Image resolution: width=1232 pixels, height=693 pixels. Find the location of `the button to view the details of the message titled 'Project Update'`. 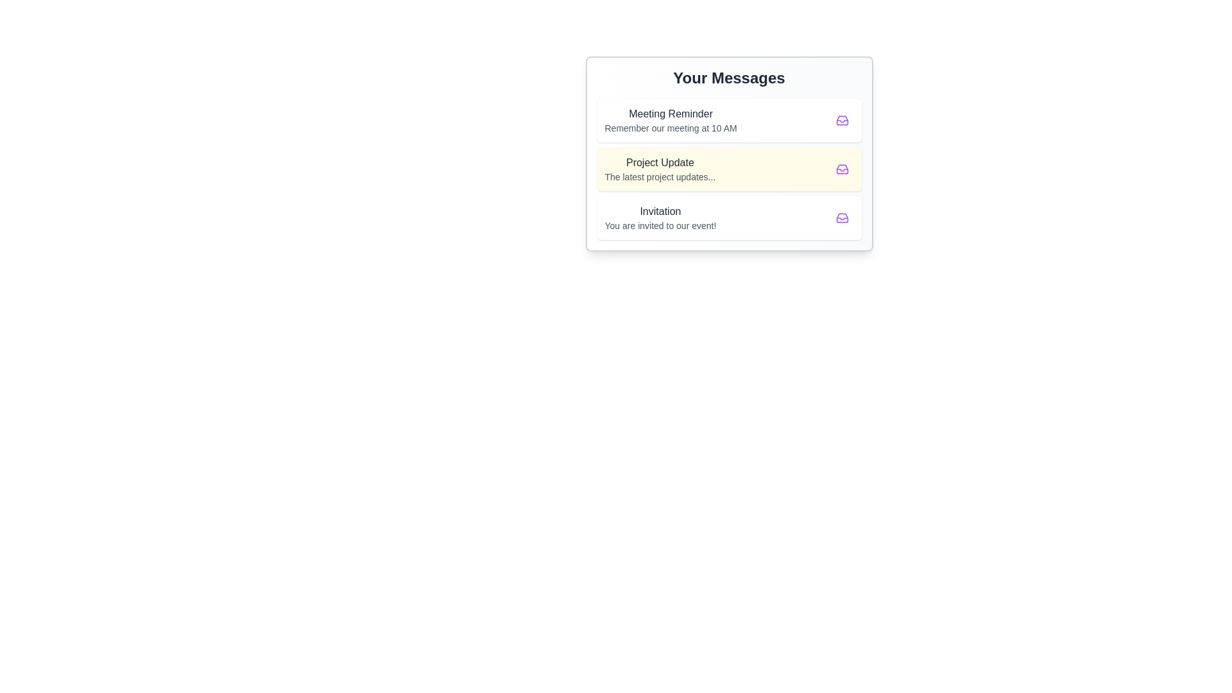

the button to view the details of the message titled 'Project Update' is located at coordinates (842, 168).